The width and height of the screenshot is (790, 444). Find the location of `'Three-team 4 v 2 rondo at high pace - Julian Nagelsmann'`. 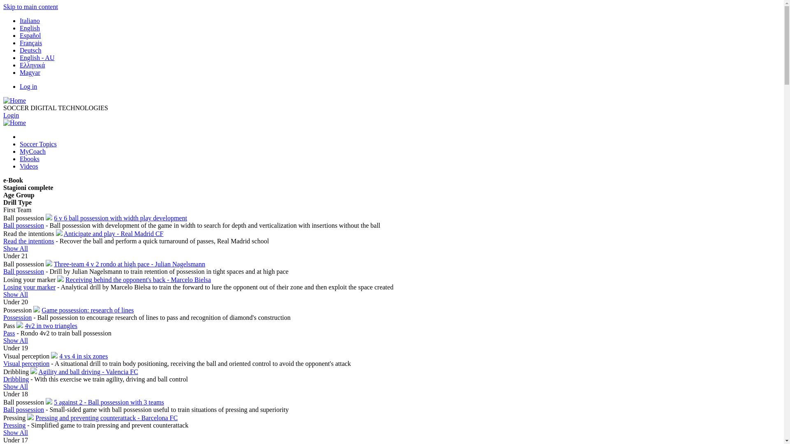

'Three-team 4 v 2 rondo at high pace - Julian Nagelsmann' is located at coordinates (129, 264).